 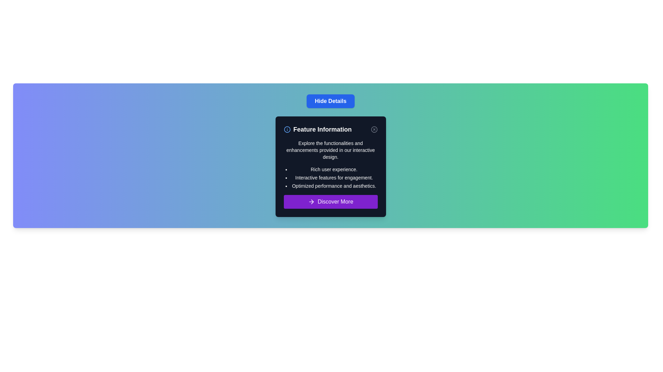 I want to click on the text label that serves as the title or headline located in the upper section of the black panel, positioned first from the left, so click(x=317, y=129).